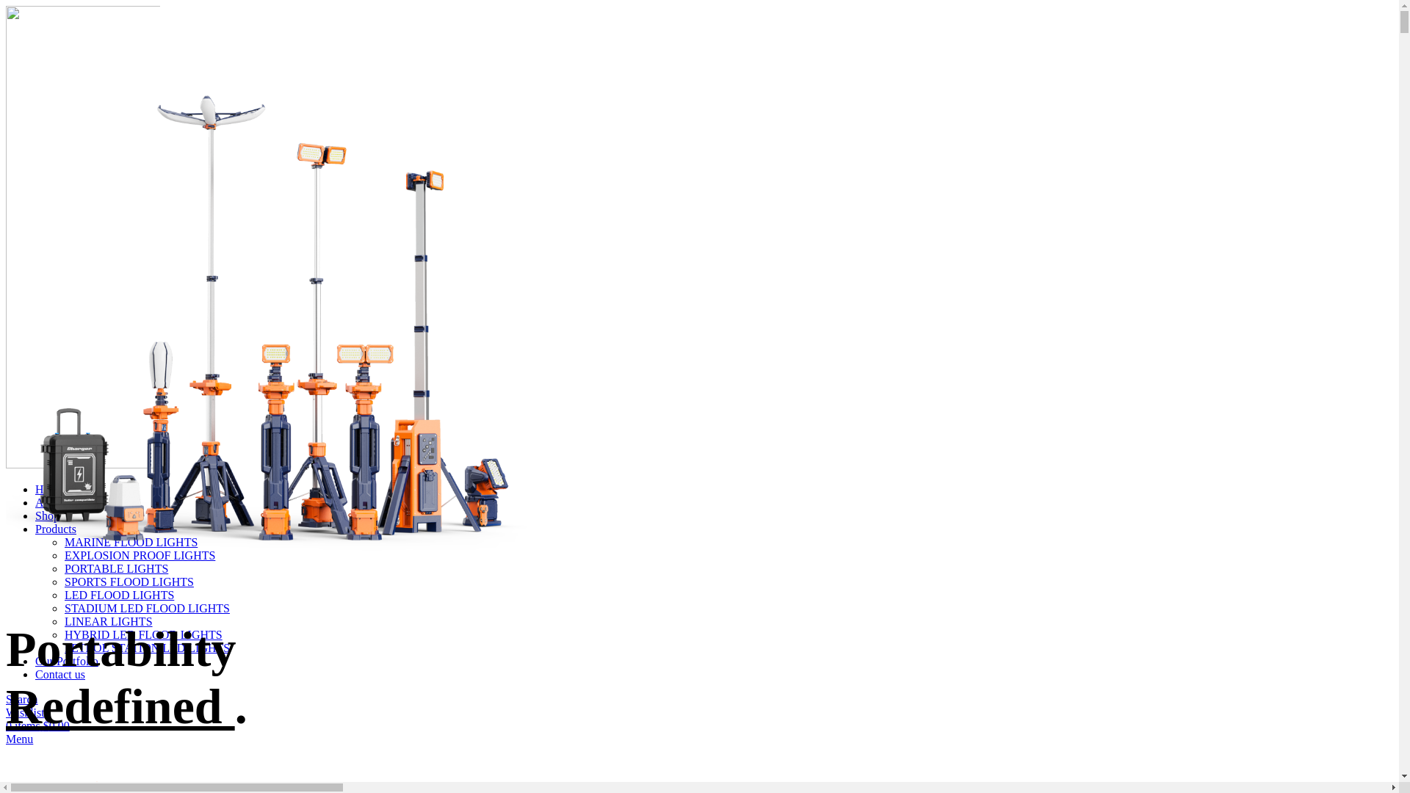 This screenshot has width=1410, height=793. Describe the element at coordinates (49, 489) in the screenshot. I see `'Home'` at that location.